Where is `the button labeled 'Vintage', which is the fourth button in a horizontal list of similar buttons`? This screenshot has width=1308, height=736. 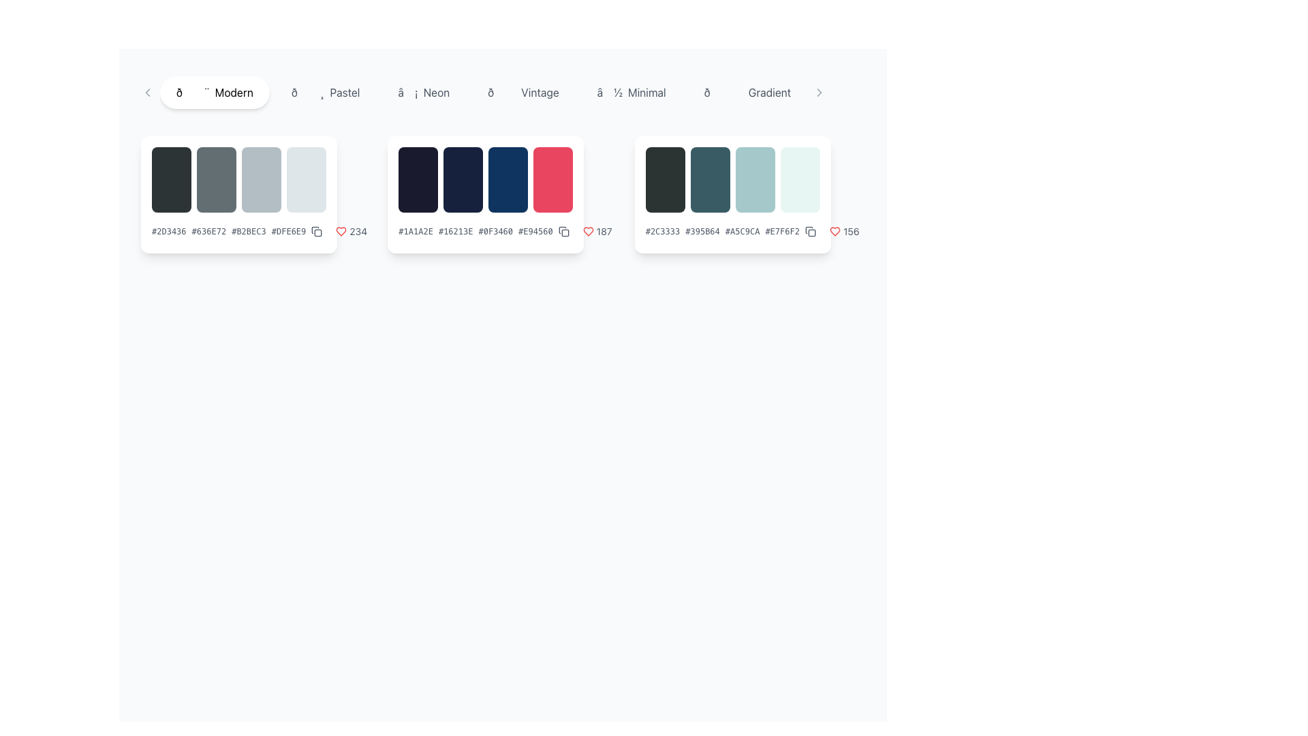 the button labeled 'Vintage', which is the fourth button in a horizontal list of similar buttons is located at coordinates (523, 92).